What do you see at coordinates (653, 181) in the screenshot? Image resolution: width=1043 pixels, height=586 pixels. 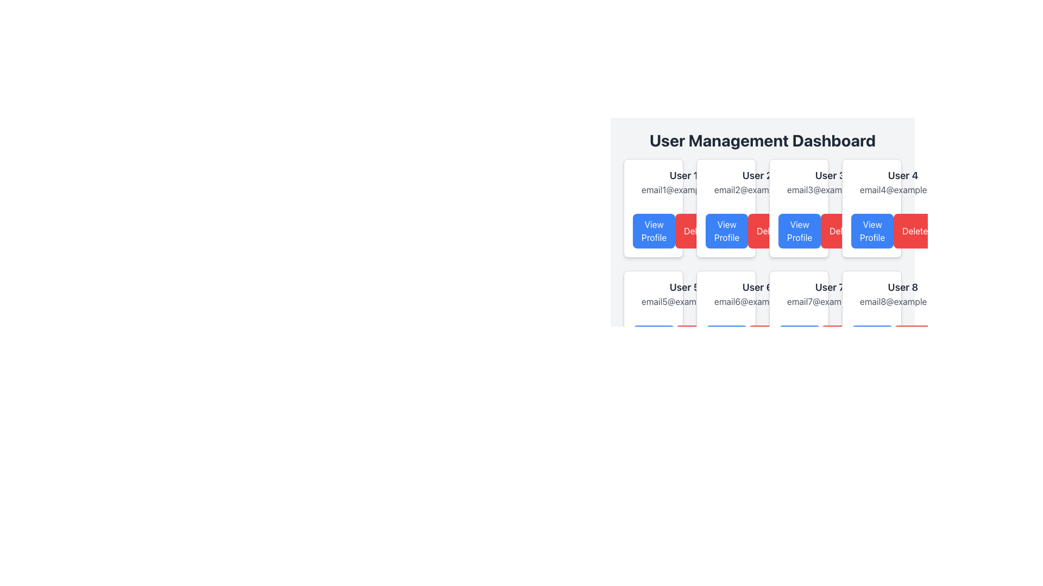 I see `the text block titled 'User 1' which displays the email 'email1@example.com' and includes a user profile icon on its left` at bounding box center [653, 181].